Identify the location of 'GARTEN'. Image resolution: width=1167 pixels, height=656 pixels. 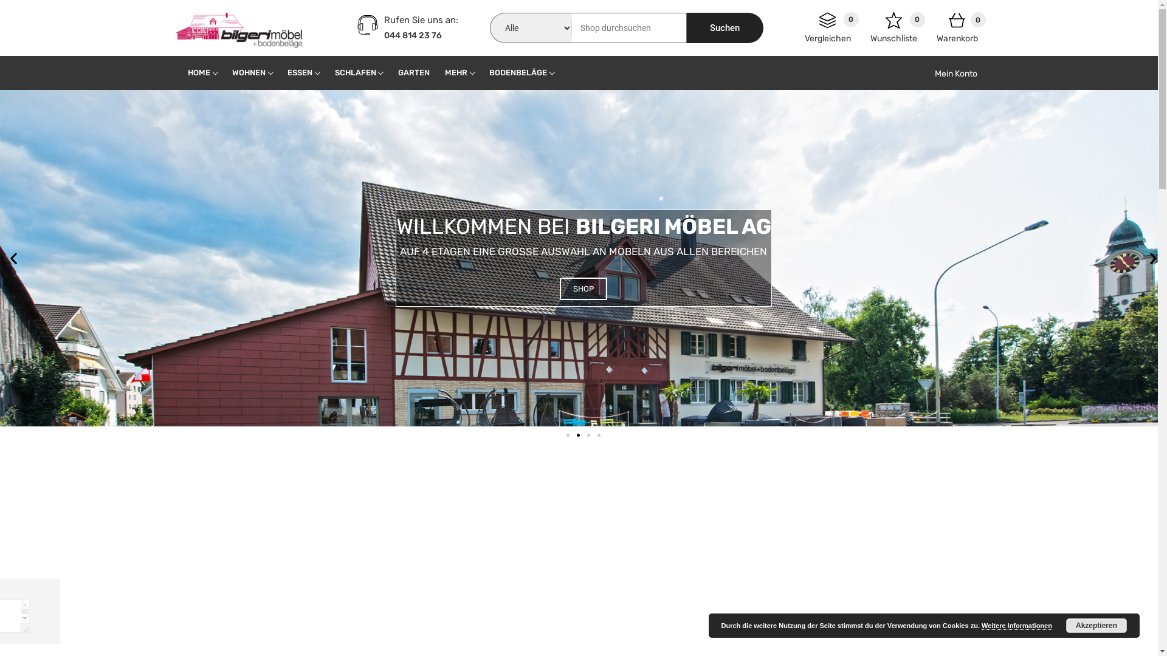
(413, 72).